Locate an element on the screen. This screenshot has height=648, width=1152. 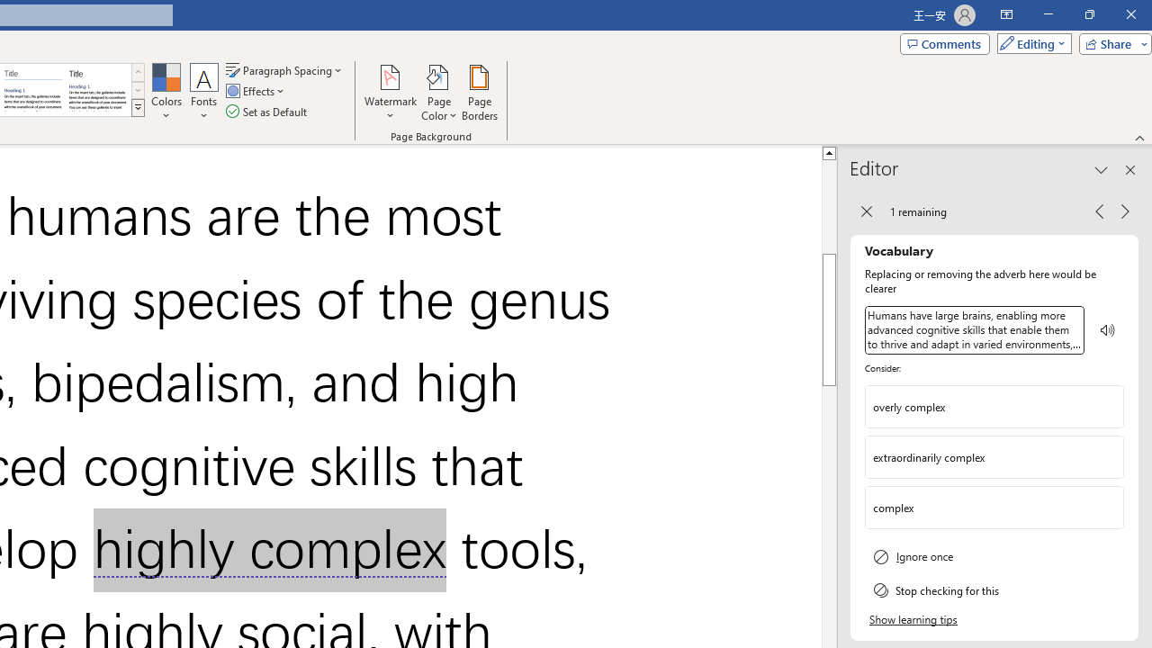
'Row Down' is located at coordinates (137, 90).